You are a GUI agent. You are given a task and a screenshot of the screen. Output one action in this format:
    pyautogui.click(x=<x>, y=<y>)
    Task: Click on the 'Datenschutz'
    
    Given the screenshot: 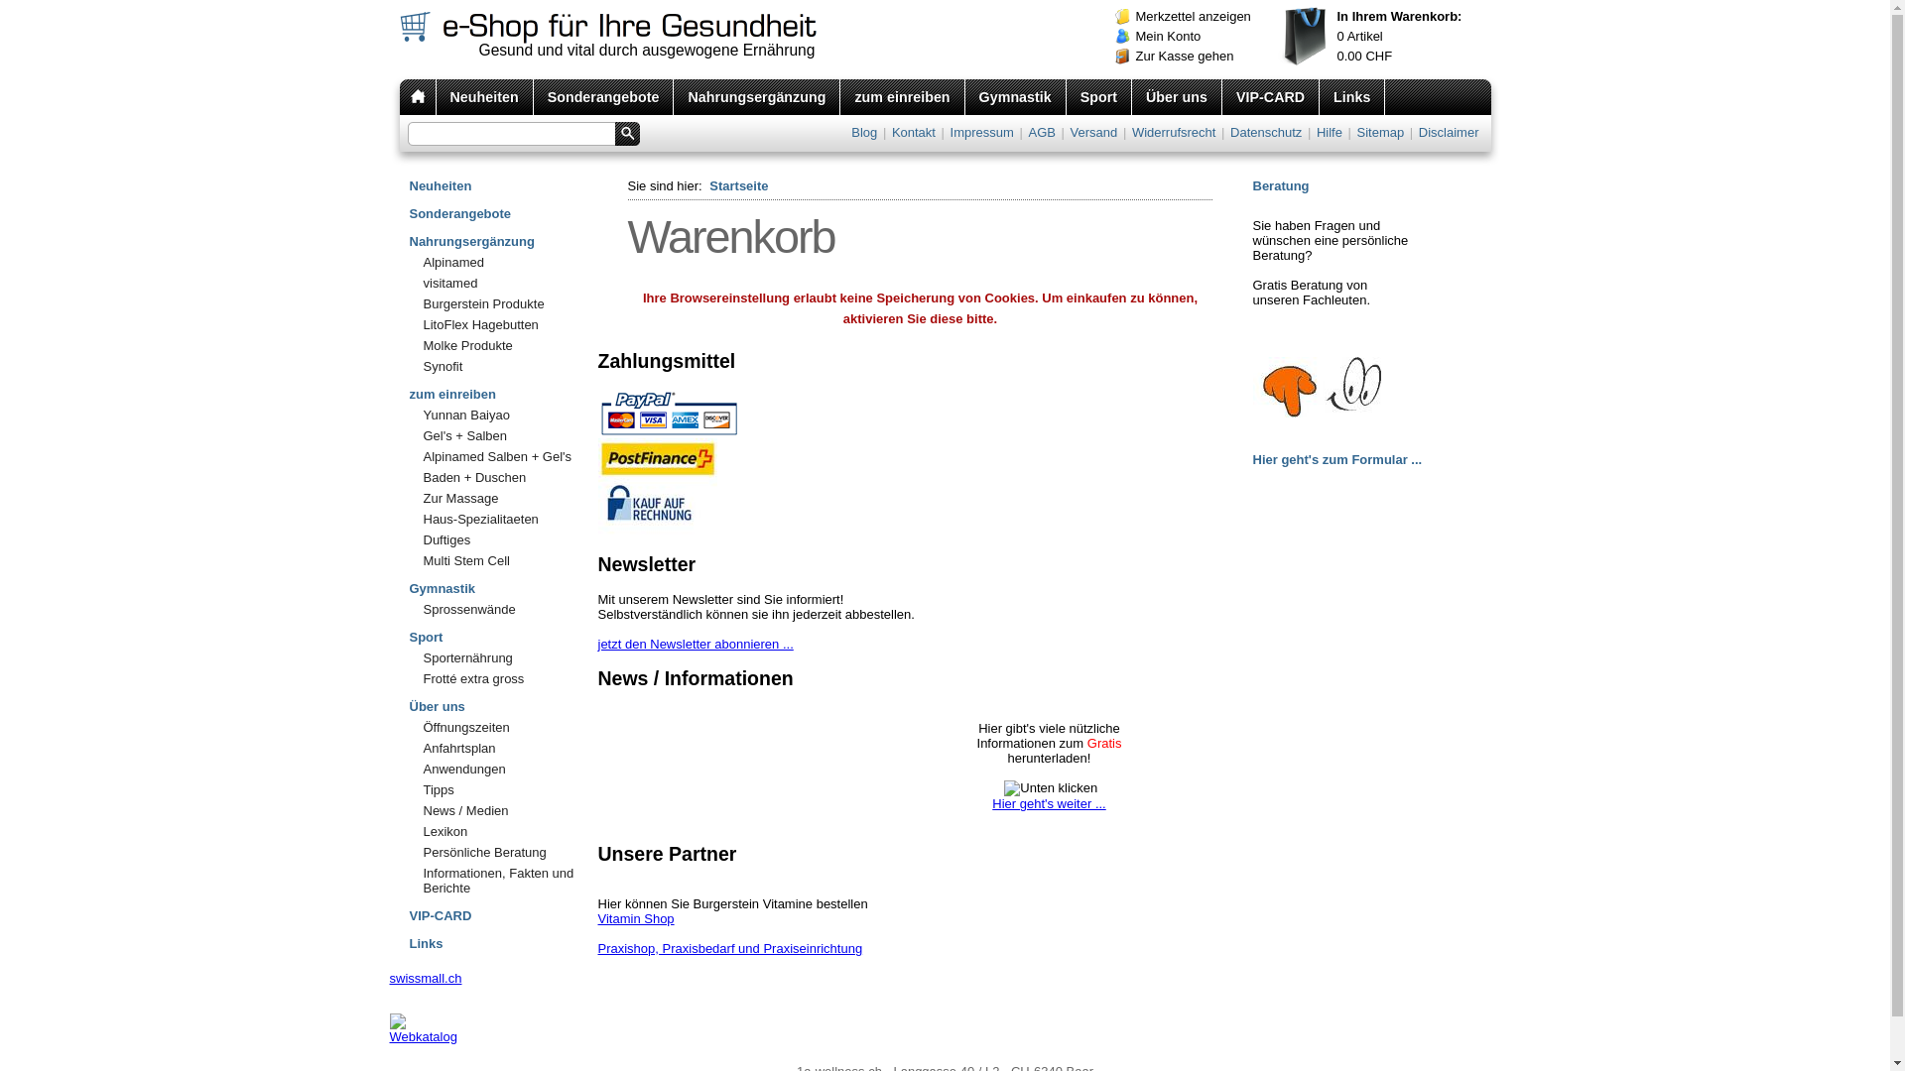 What is the action you would take?
    pyautogui.click(x=1265, y=132)
    